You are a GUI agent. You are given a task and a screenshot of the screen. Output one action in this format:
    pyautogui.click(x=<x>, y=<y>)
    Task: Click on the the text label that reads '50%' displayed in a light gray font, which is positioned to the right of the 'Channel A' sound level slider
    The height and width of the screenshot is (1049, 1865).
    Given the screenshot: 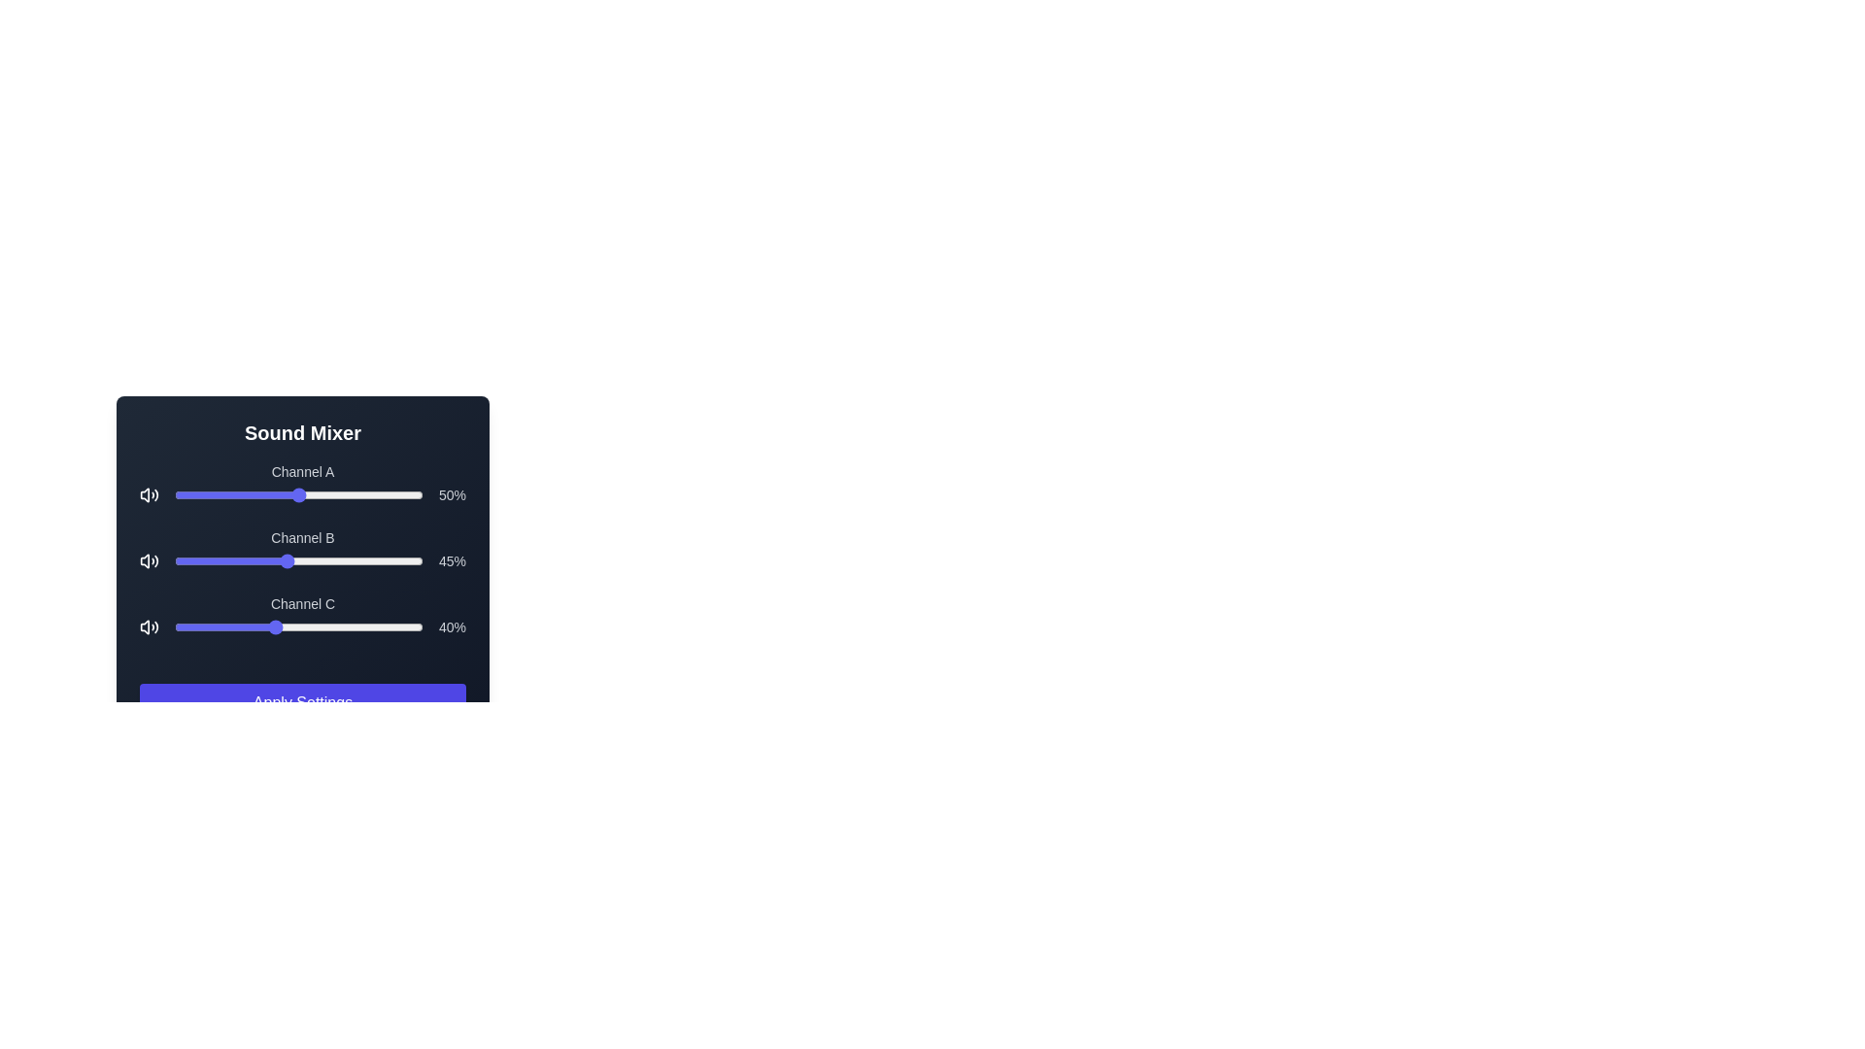 What is the action you would take?
    pyautogui.click(x=451, y=493)
    